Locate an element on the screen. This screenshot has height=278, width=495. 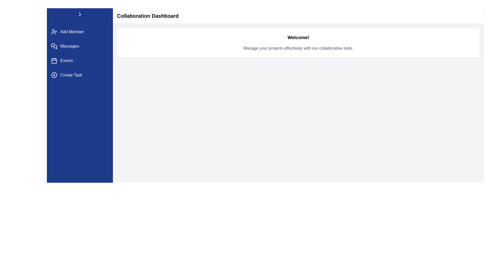
the Text label that provides descriptive guidance about the collaborative tools of the platform, located beneath the 'Welcome!' text in the top center area of the interface is located at coordinates (298, 48).